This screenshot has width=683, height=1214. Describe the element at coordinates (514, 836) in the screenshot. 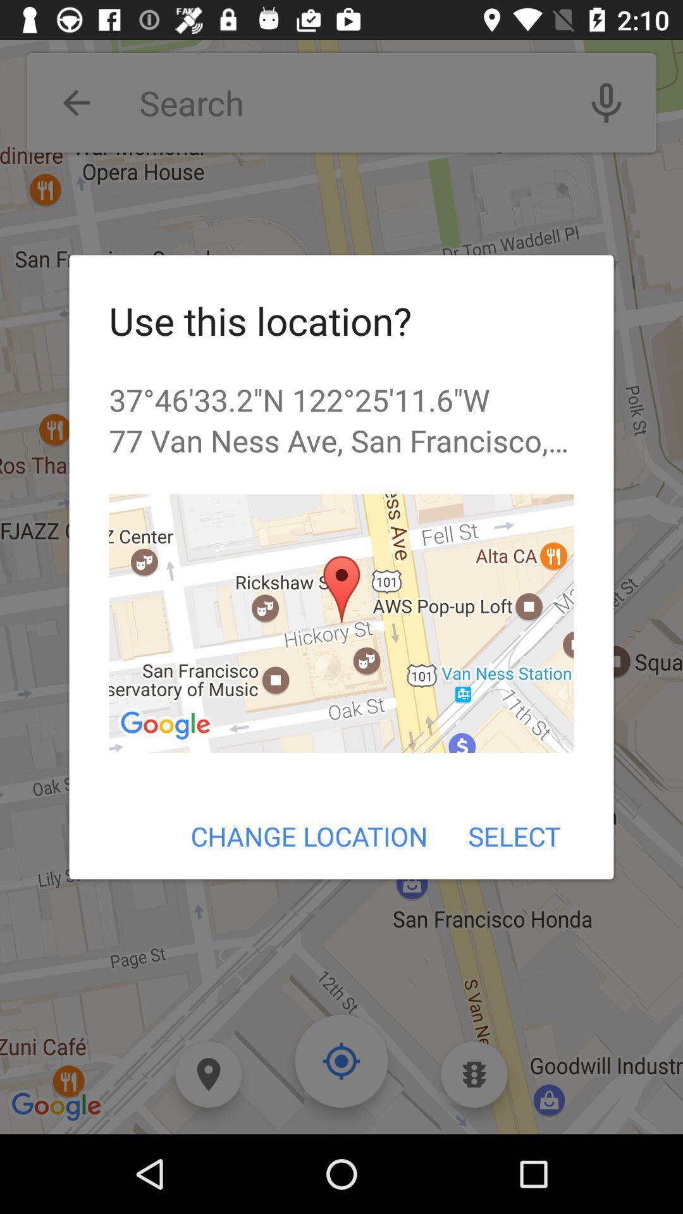

I see `the icon to the right of change location` at that location.